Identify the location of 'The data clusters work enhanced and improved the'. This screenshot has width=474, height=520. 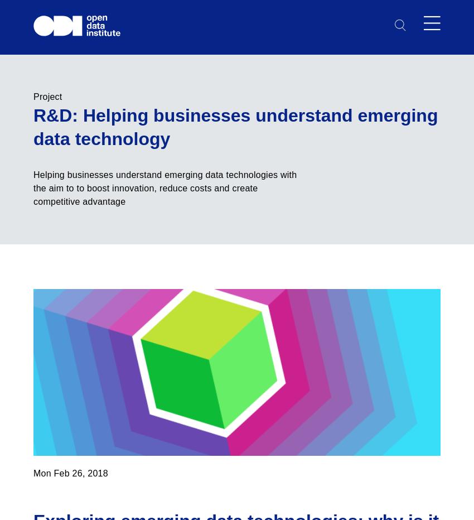
(139, 196).